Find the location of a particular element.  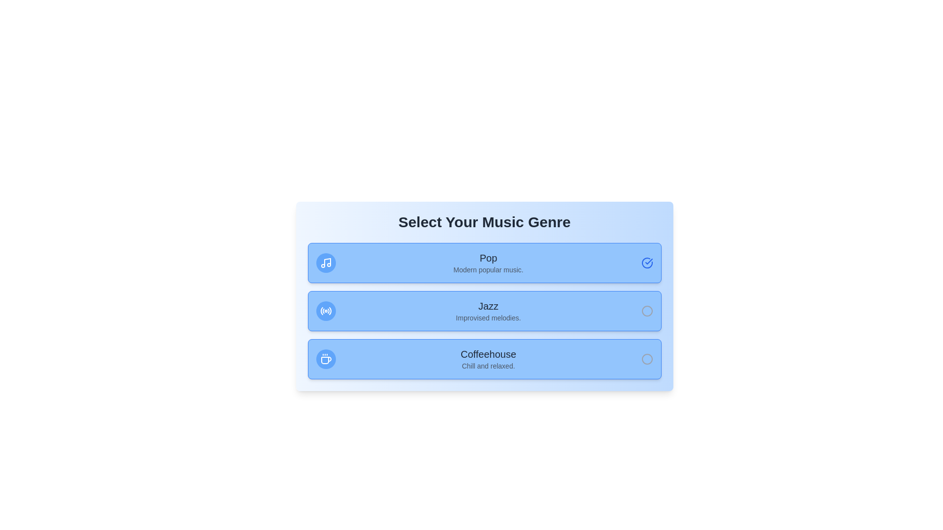

the 'Jazz' genre text label, which is the main title in the music genre selection interface is located at coordinates (488, 306).